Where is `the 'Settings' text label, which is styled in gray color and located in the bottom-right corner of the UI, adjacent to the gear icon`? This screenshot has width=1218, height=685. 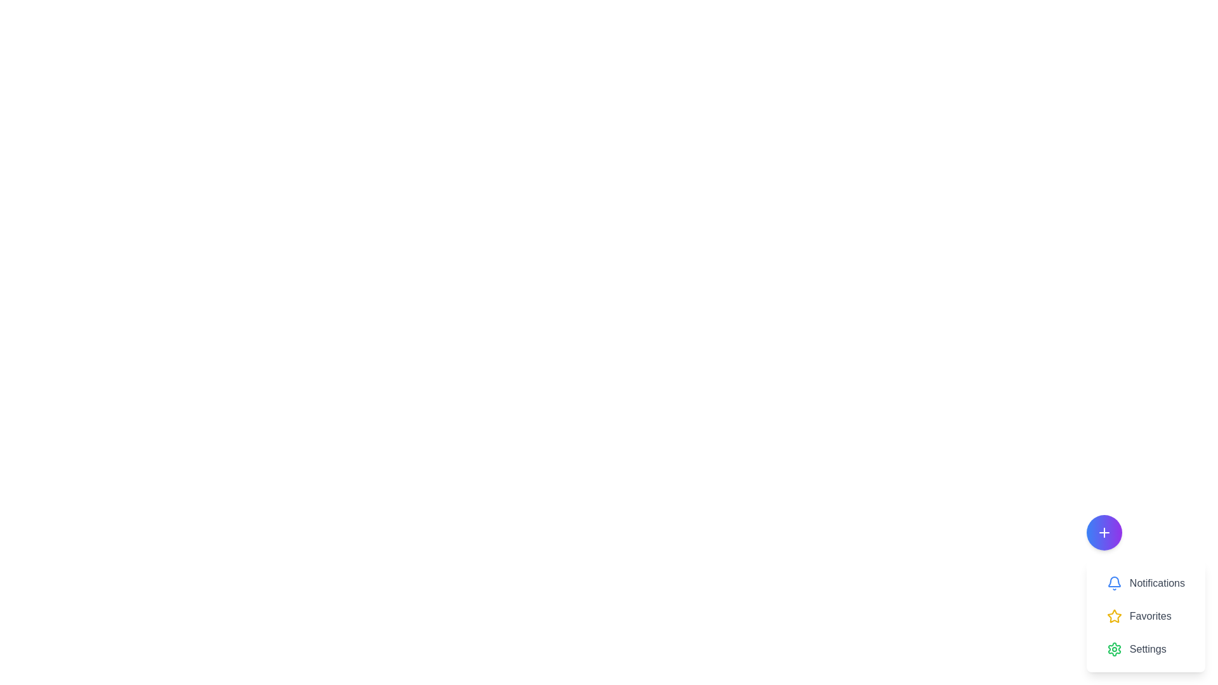 the 'Settings' text label, which is styled in gray color and located in the bottom-right corner of the UI, adjacent to the gear icon is located at coordinates (1148, 649).